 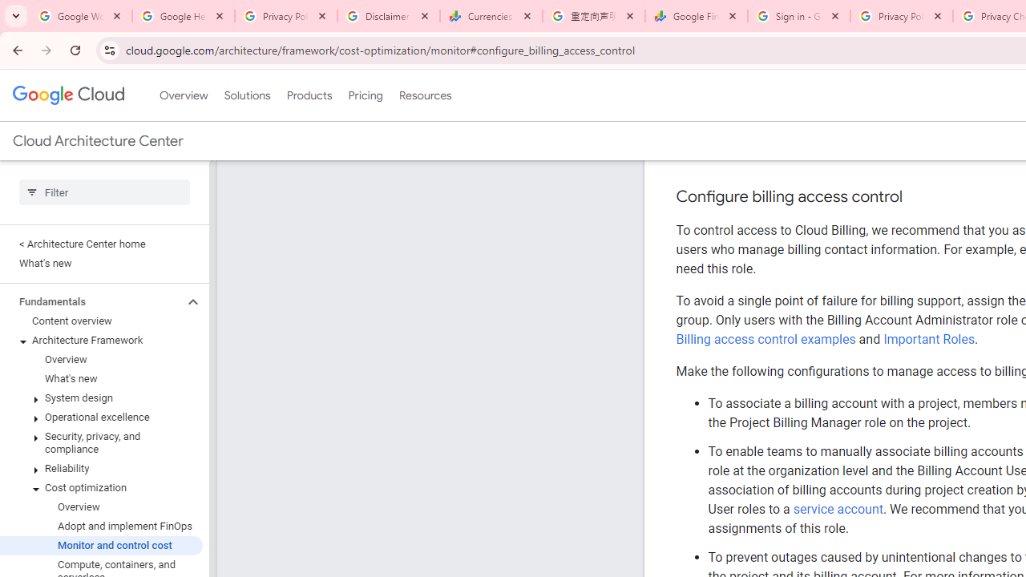 What do you see at coordinates (100, 397) in the screenshot?
I see `'System design'` at bounding box center [100, 397].